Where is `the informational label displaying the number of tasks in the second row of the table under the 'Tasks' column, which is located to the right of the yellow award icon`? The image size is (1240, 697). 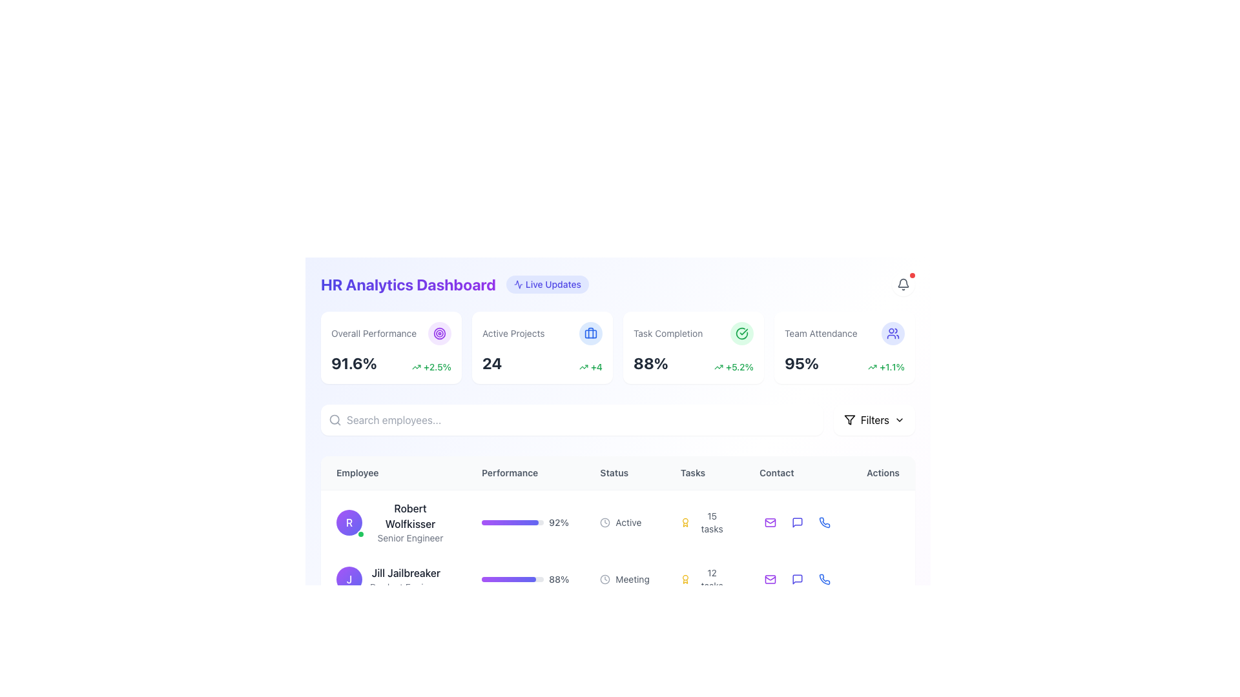 the informational label displaying the number of tasks in the second row of the table under the 'Tasks' column, which is located to the right of the yellow award icon is located at coordinates (703, 579).